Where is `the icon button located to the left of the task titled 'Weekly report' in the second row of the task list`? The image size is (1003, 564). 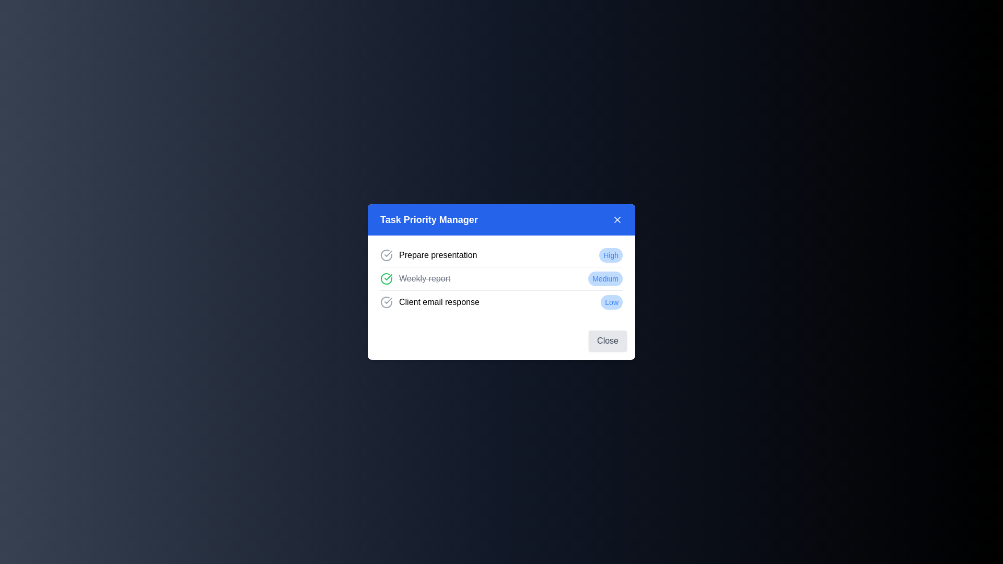
the icon button located to the left of the task titled 'Weekly report' in the second row of the task list is located at coordinates (386, 278).